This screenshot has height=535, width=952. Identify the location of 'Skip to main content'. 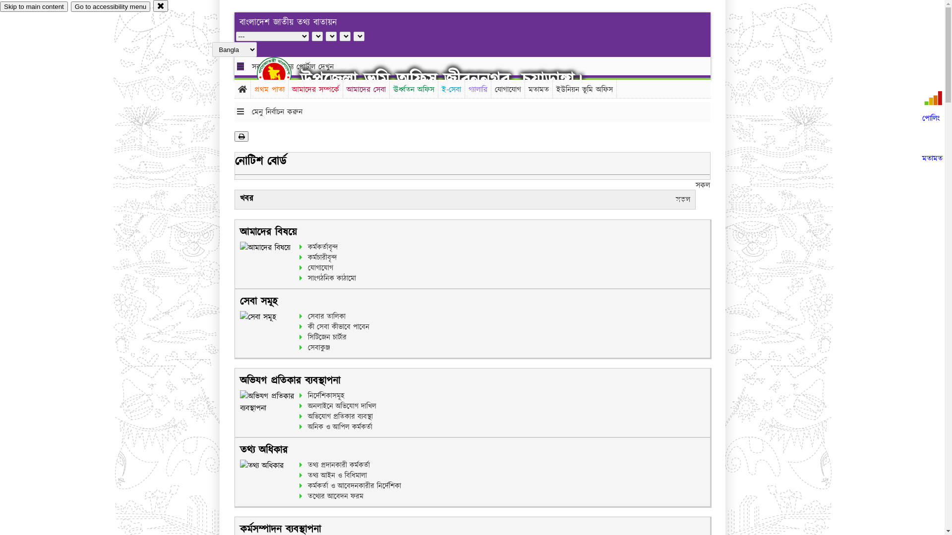
(34, 6).